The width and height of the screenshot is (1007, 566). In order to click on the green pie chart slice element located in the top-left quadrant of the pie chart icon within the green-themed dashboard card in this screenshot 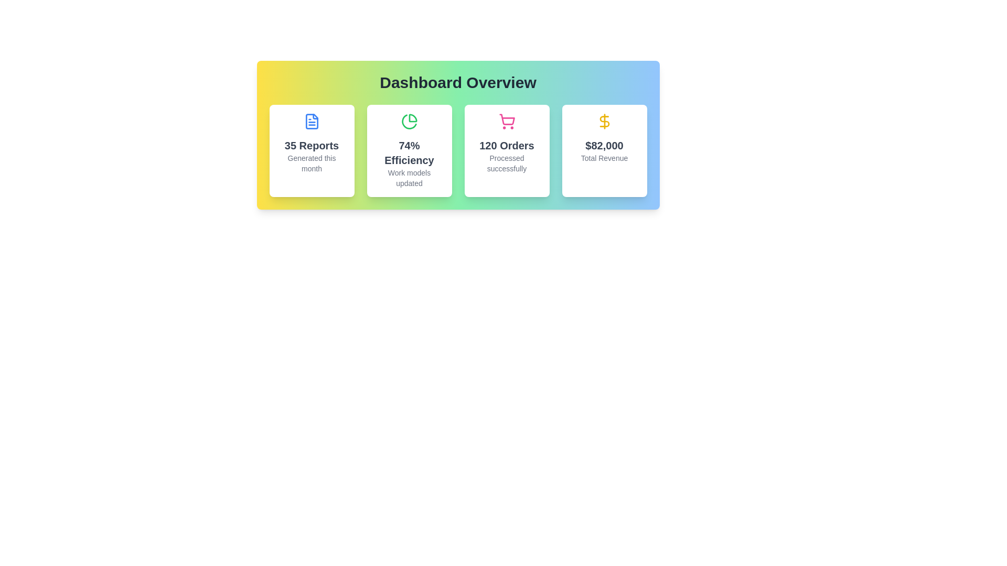, I will do `click(412, 118)`.